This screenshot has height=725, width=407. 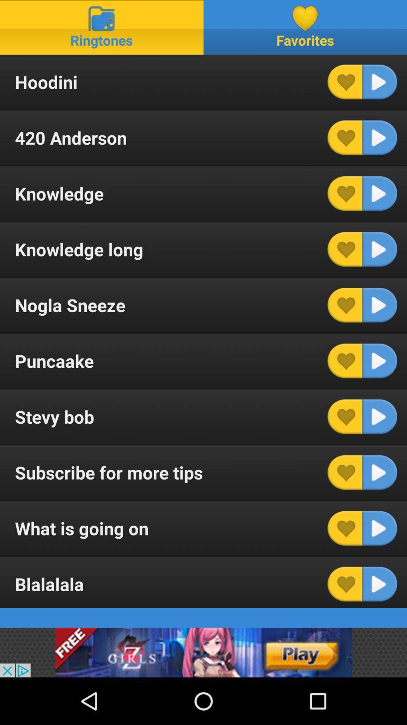 What do you see at coordinates (345, 472) in the screenshot?
I see `box` at bounding box center [345, 472].